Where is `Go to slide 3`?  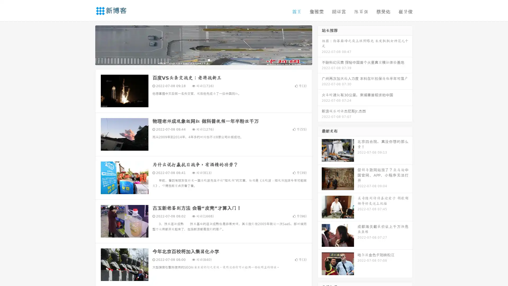
Go to slide 3 is located at coordinates (209, 60).